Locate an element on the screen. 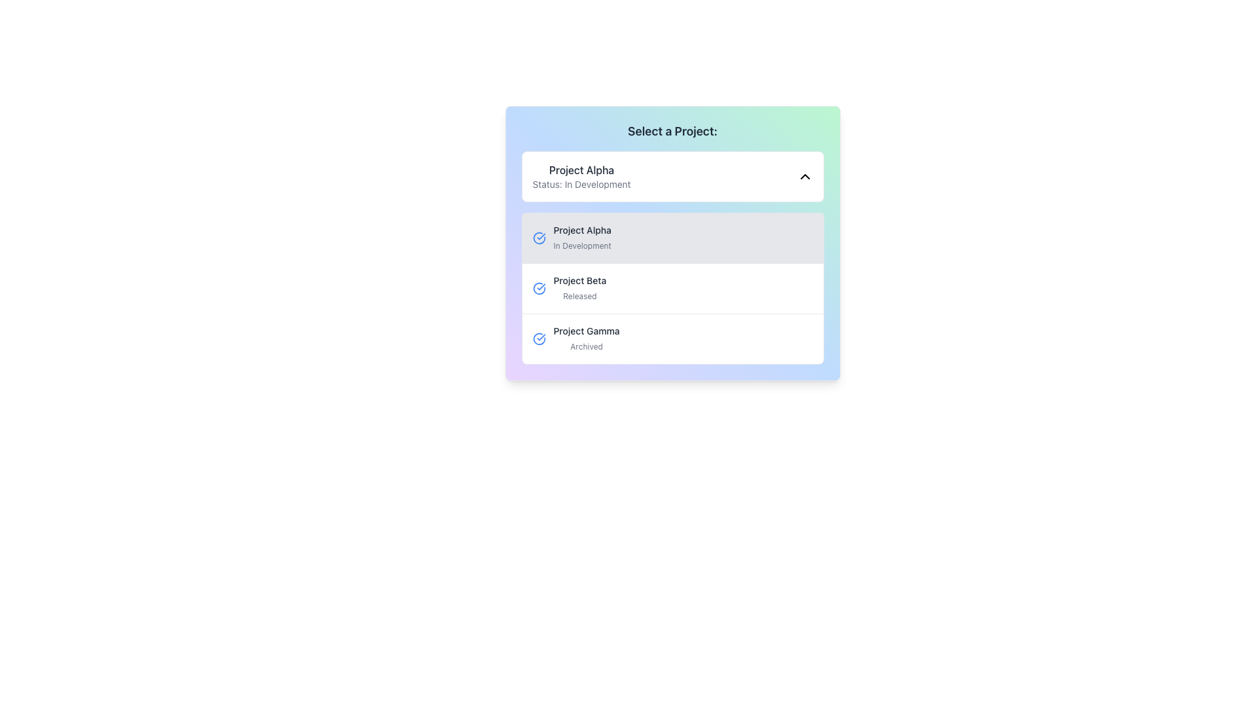  the chevron button located in the top-right corner of the 'Project Alpha' card is located at coordinates (804, 177).